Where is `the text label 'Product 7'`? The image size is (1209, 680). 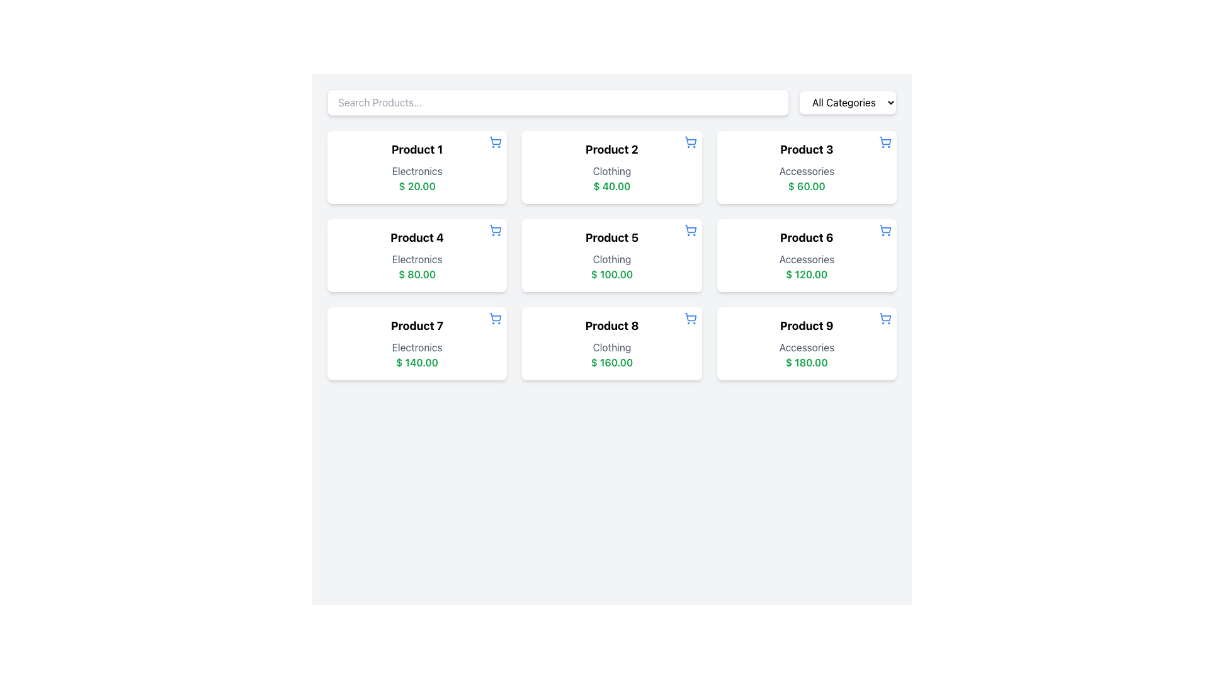
the text label 'Product 7' is located at coordinates (417, 325).